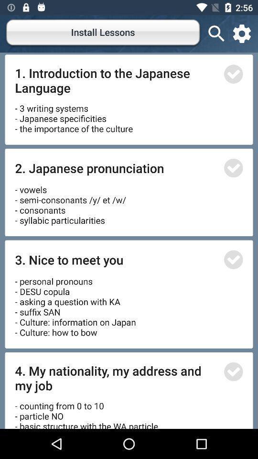 The image size is (258, 459). I want to click on search, so click(216, 33).